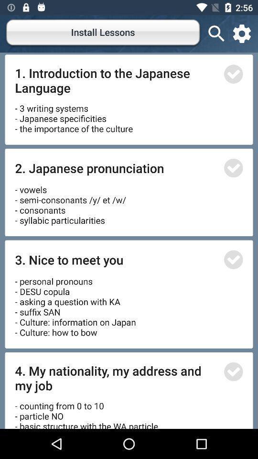 The image size is (258, 459). I want to click on search, so click(216, 33).